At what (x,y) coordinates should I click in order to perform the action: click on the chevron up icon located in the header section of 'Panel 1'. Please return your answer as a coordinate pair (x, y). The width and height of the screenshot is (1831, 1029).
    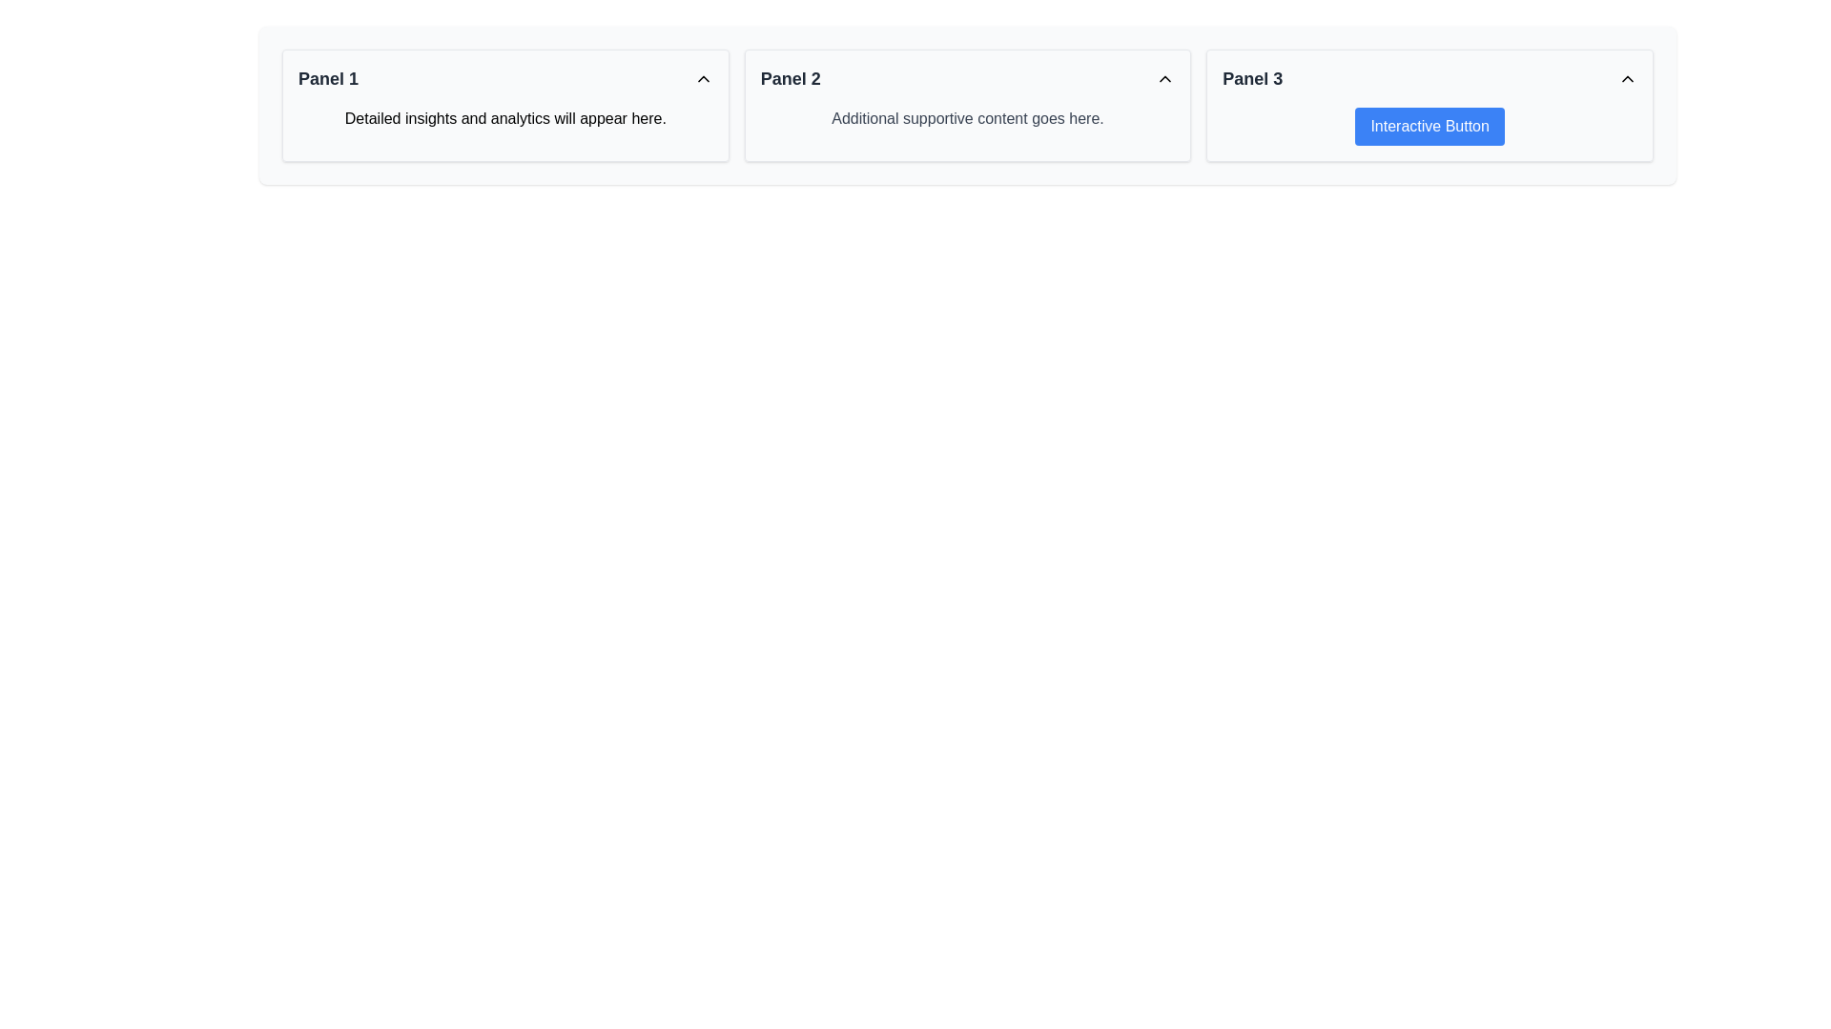
    Looking at the image, I should click on (702, 78).